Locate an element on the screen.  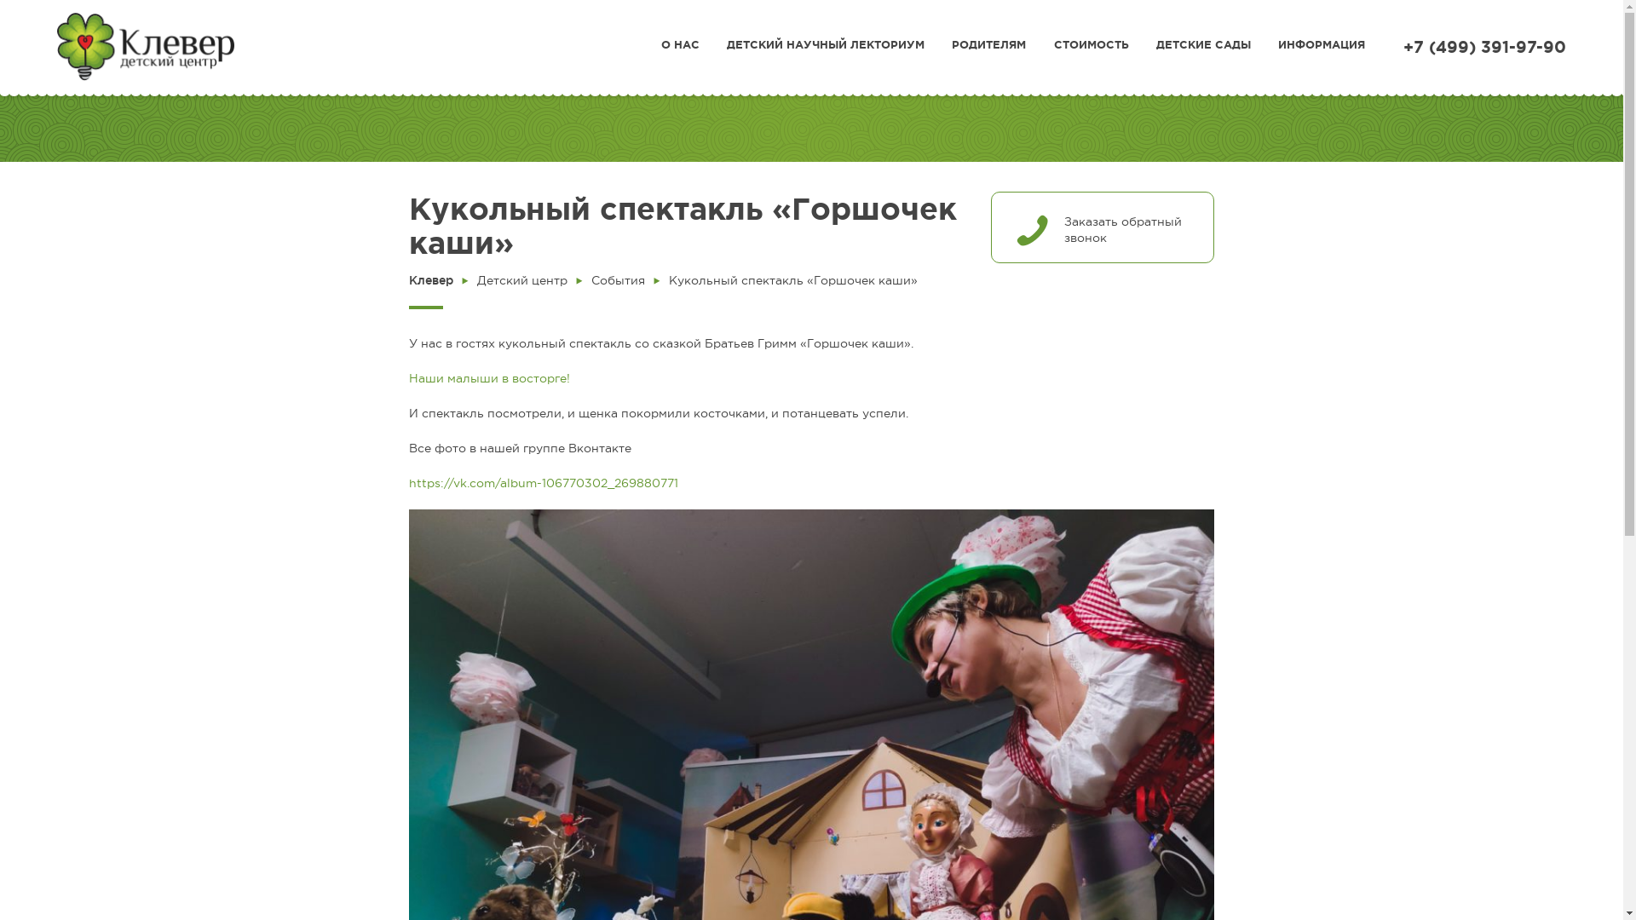
'https://vk.com/album-106770302_269880771' is located at coordinates (543, 483).